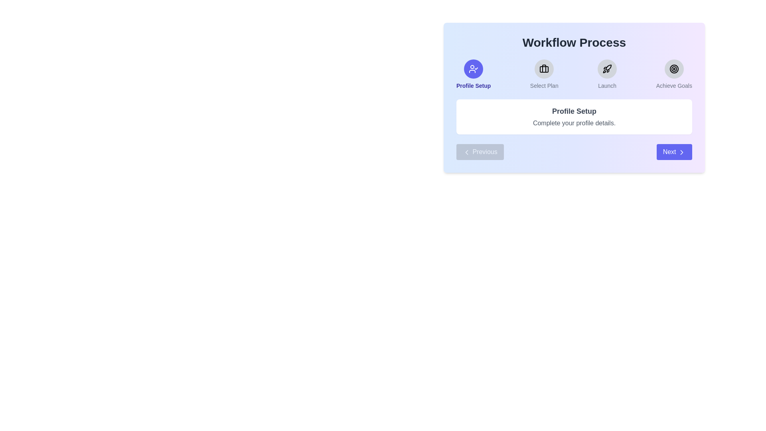 The width and height of the screenshot is (766, 431). What do you see at coordinates (544, 69) in the screenshot?
I see `the Select Plan step icon to view its details` at bounding box center [544, 69].